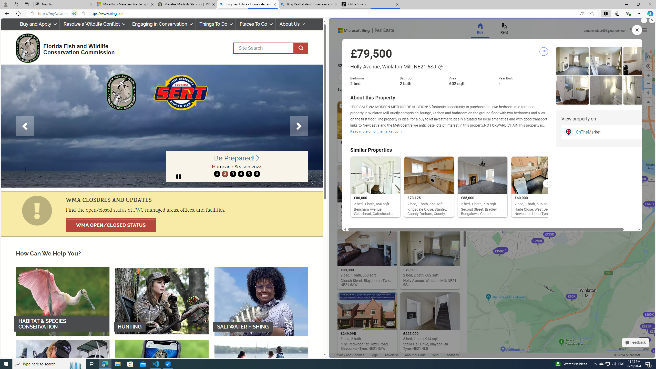 The height and width of the screenshot is (369, 656). I want to click on 'Places To Go', so click(255, 24).